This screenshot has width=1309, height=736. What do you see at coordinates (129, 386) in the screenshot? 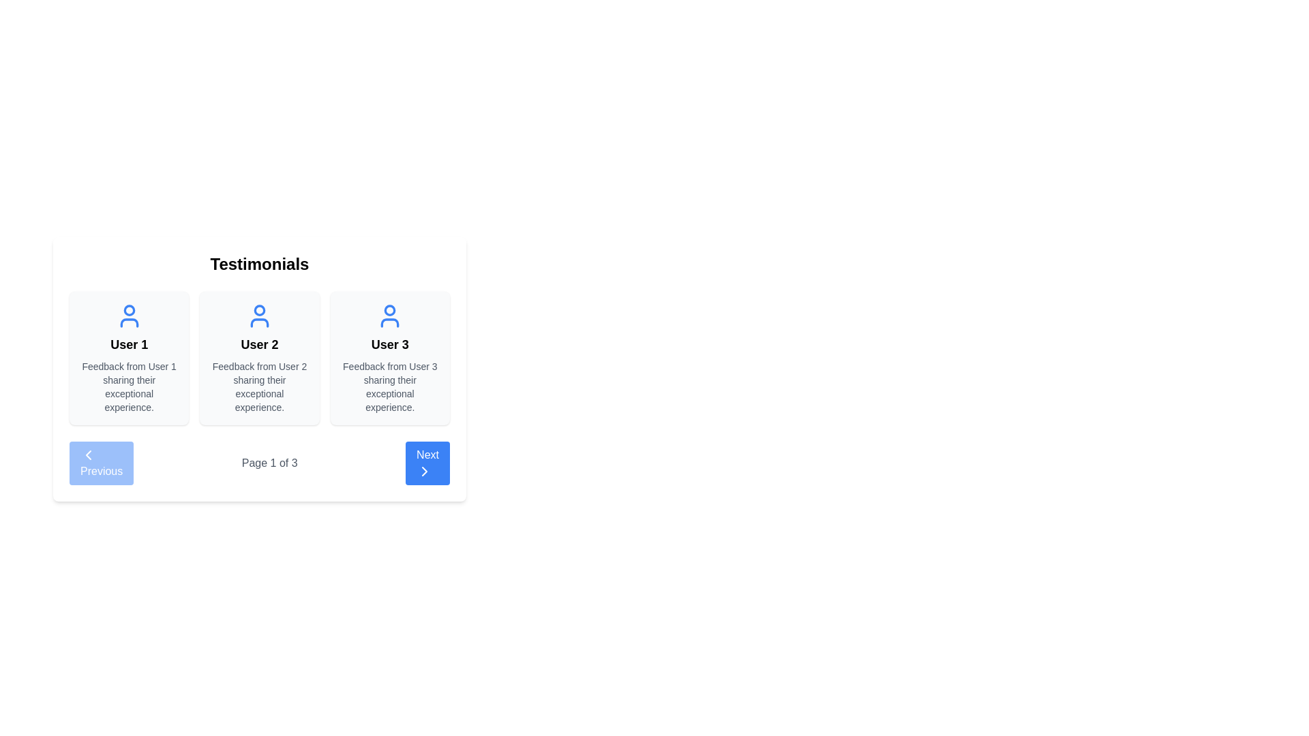
I see `the text block that conveys user feedback or a testimonial, located in the bottom section of the first card following the heading titled 'User 1'` at bounding box center [129, 386].